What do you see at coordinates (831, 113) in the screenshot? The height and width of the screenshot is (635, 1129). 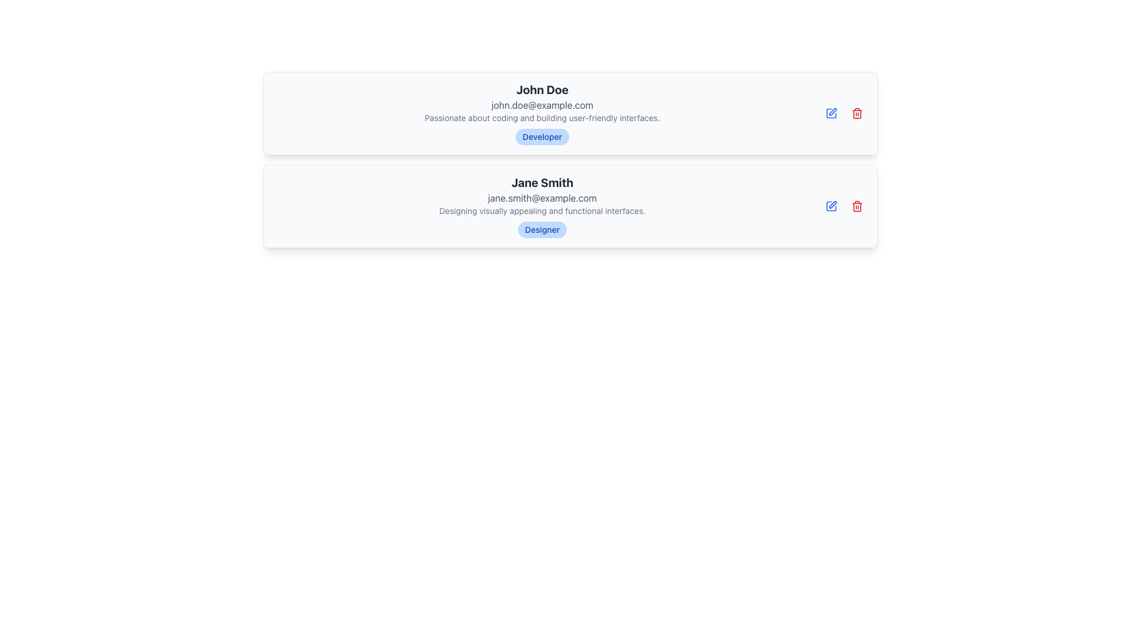 I see `the icon button that triggers the editing action for user information, located in the upper right corner of the user card layout, to the left of the red trash can icon` at bounding box center [831, 113].